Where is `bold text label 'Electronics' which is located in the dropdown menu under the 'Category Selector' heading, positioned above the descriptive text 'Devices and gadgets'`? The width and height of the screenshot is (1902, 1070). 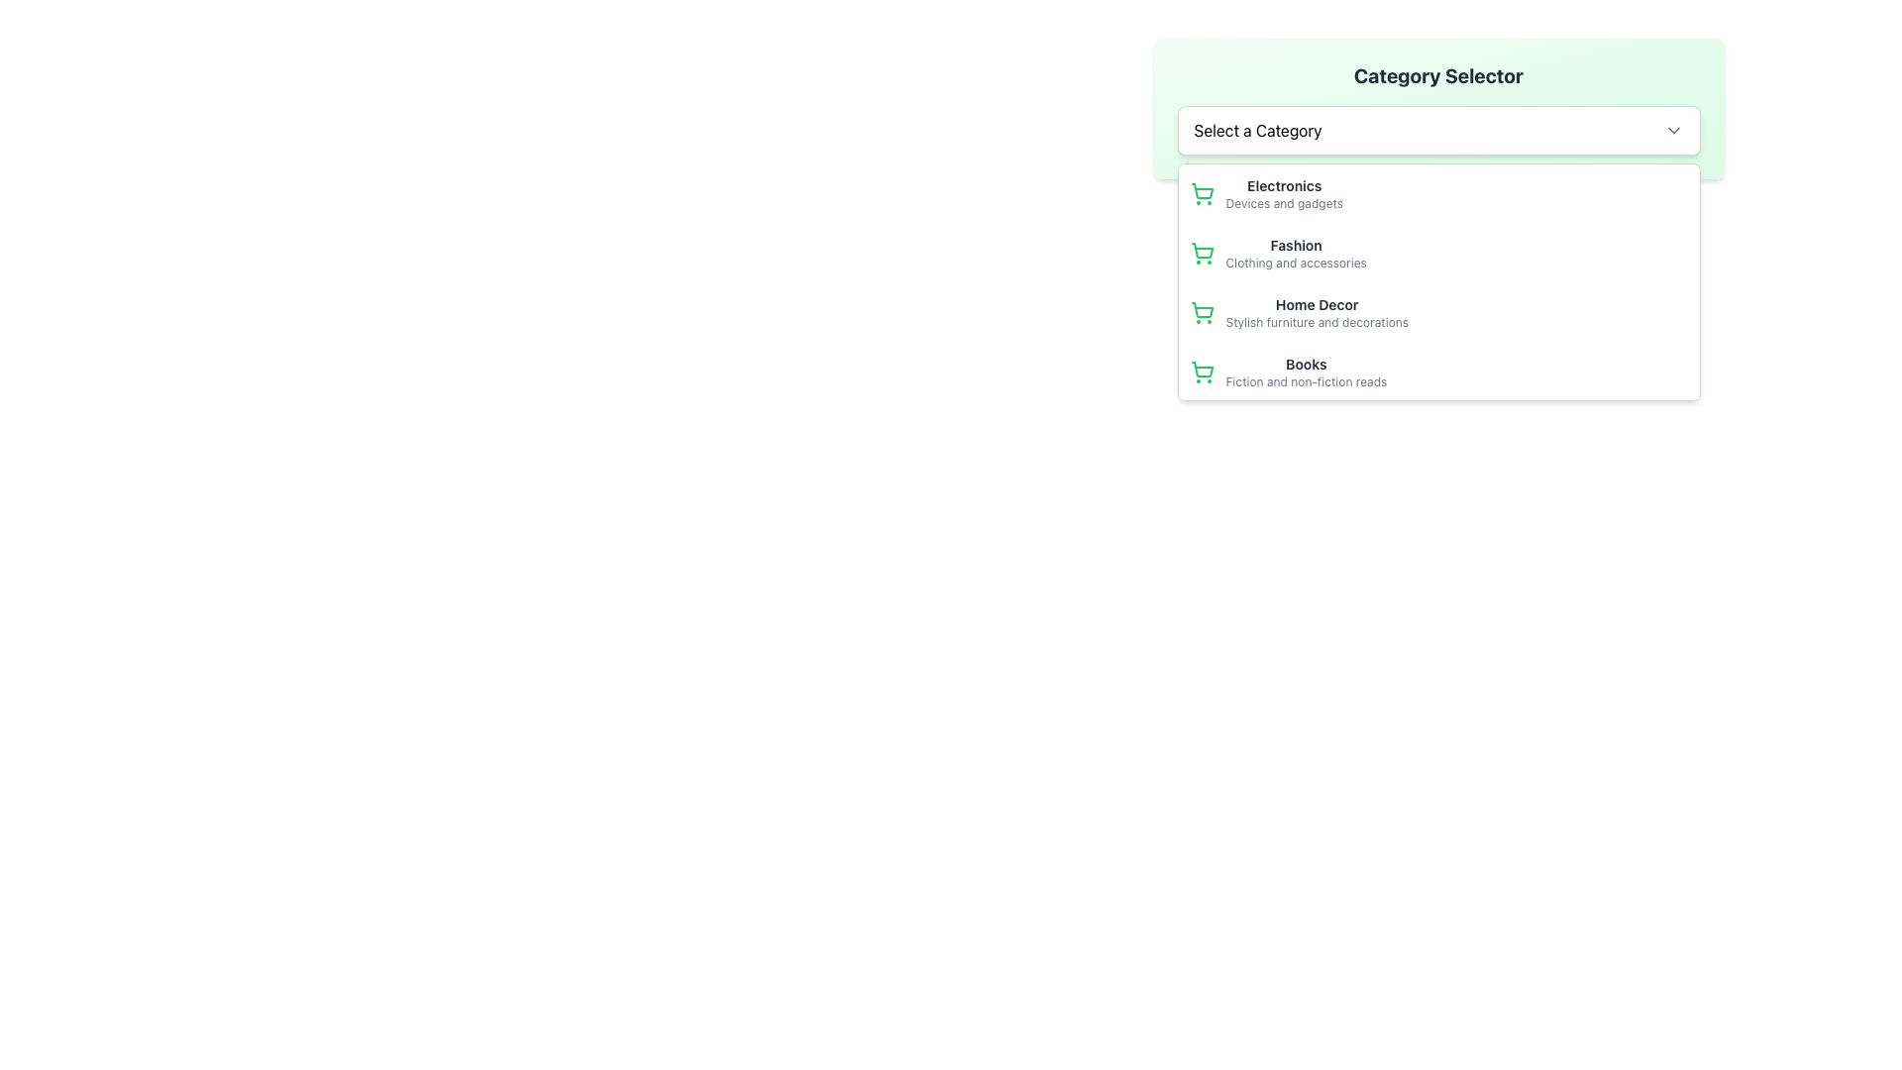 bold text label 'Electronics' which is located in the dropdown menu under the 'Category Selector' heading, positioned above the descriptive text 'Devices and gadgets' is located at coordinates (1284, 186).